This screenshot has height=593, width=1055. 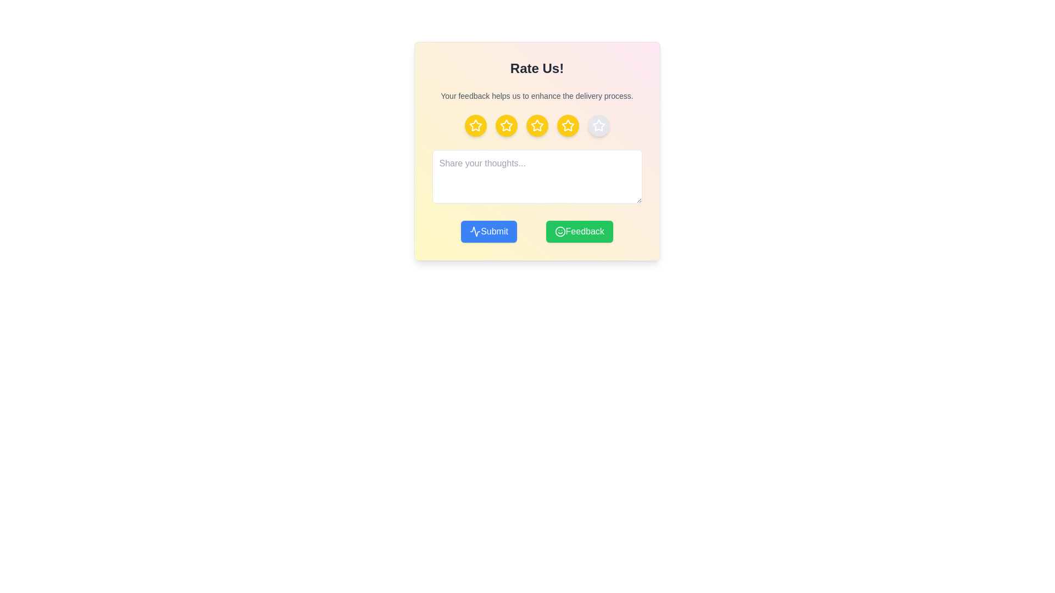 What do you see at coordinates (488, 231) in the screenshot?
I see `the 'Submit' button to submit feedback` at bounding box center [488, 231].